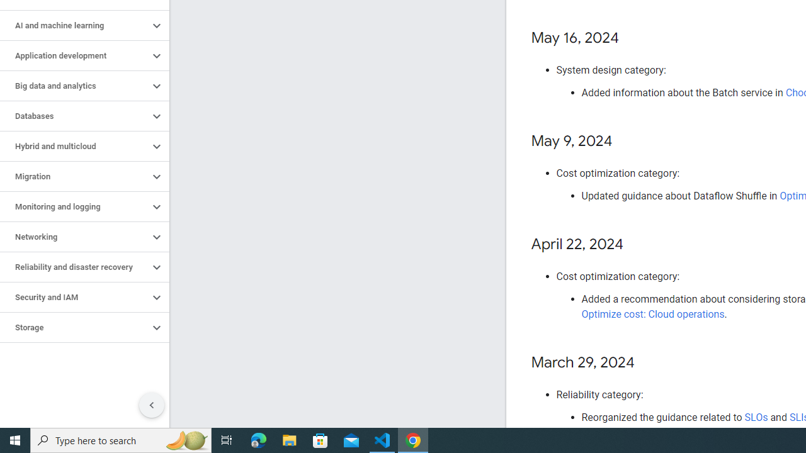 The height and width of the screenshot is (453, 806). What do you see at coordinates (151, 405) in the screenshot?
I see `'Hide side navigation'` at bounding box center [151, 405].